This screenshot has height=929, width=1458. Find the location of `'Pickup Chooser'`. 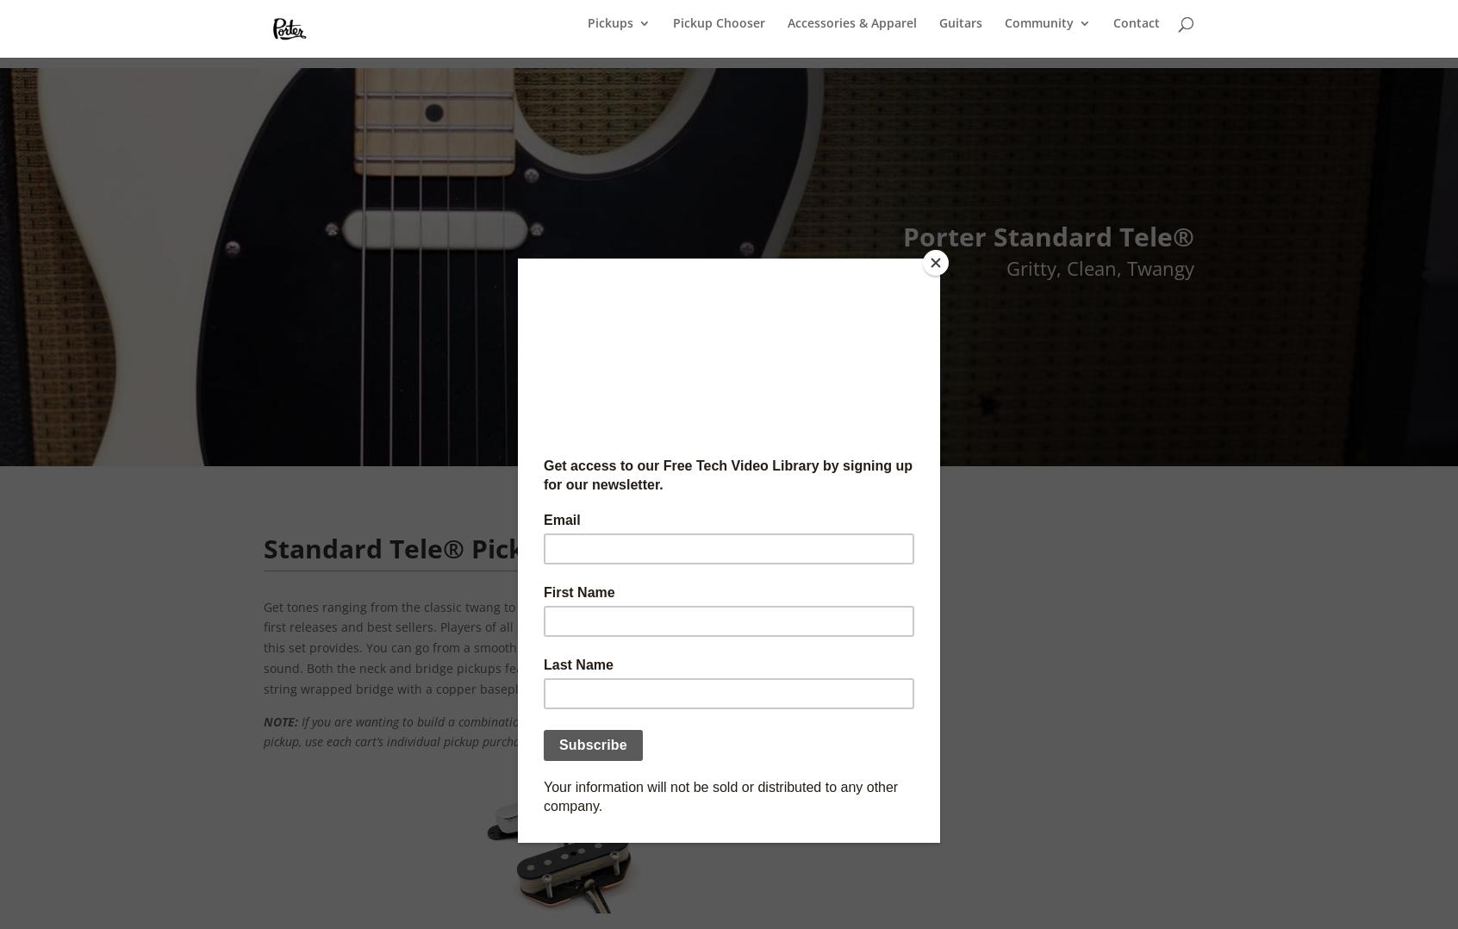

'Pickup Chooser' is located at coordinates (719, 33).